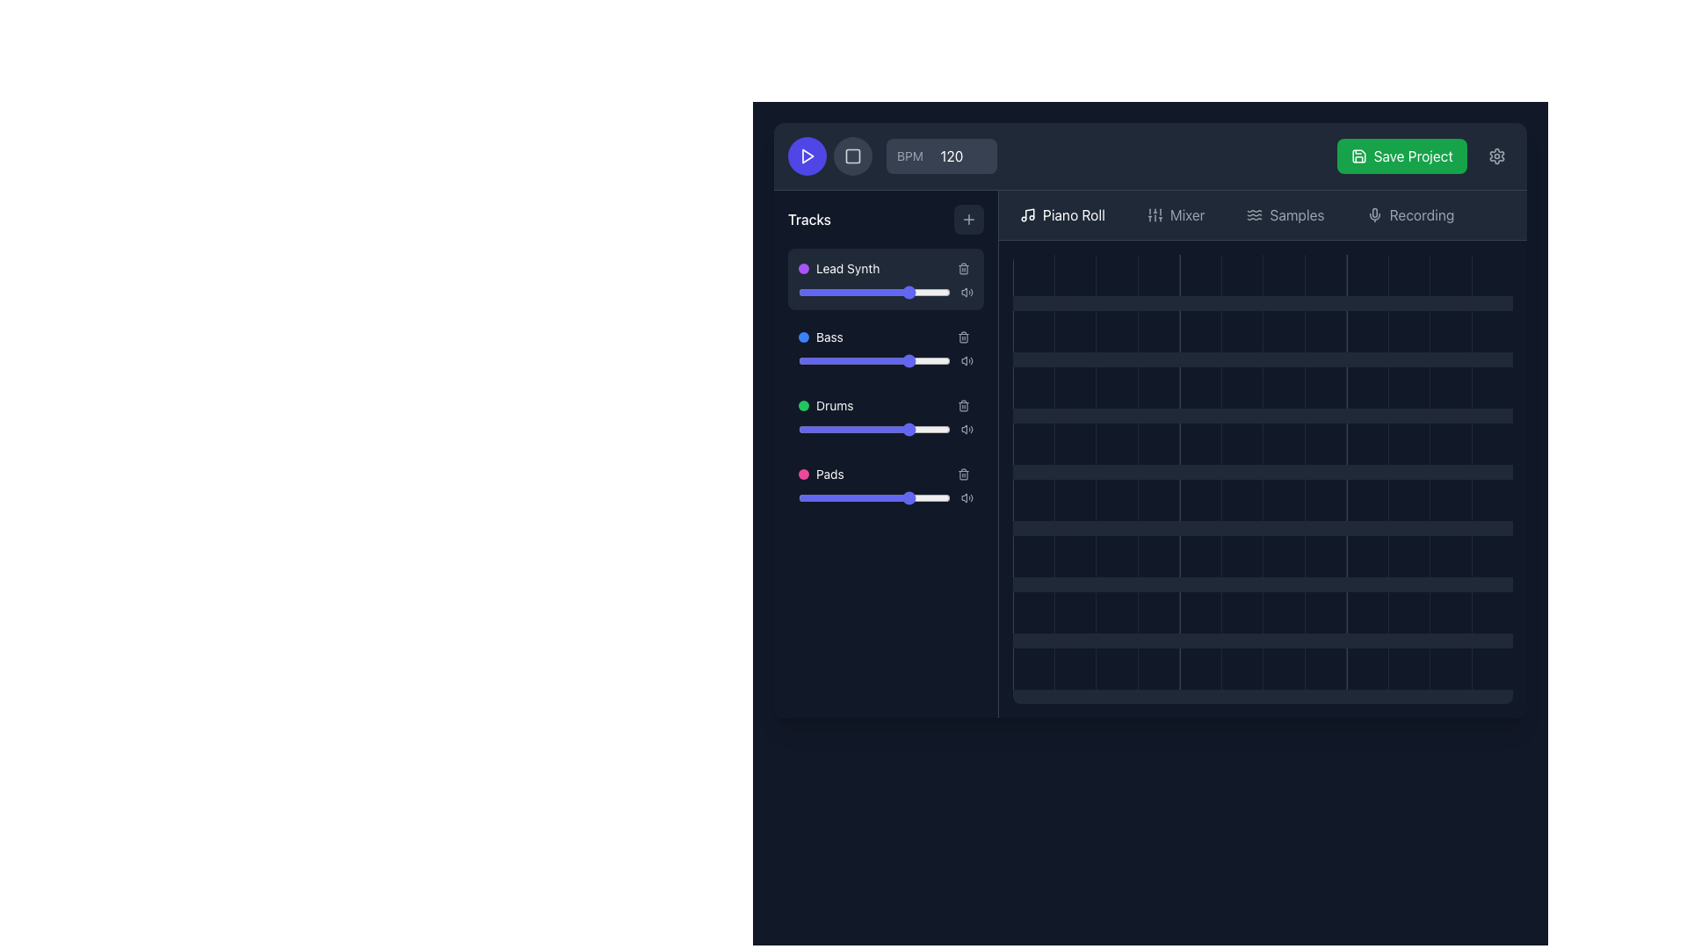  I want to click on the 6th square block in the 3rd row of the grid layout, which has a dark background and changes shade on hover, so click(1241, 387).